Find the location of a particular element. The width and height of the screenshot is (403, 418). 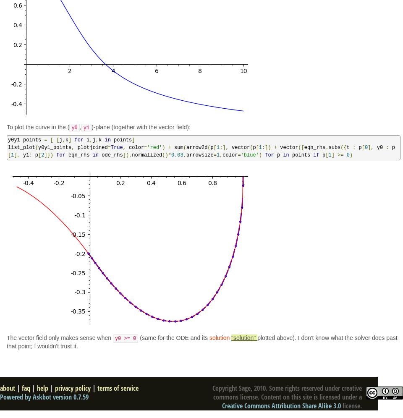

'about' is located at coordinates (7, 388).